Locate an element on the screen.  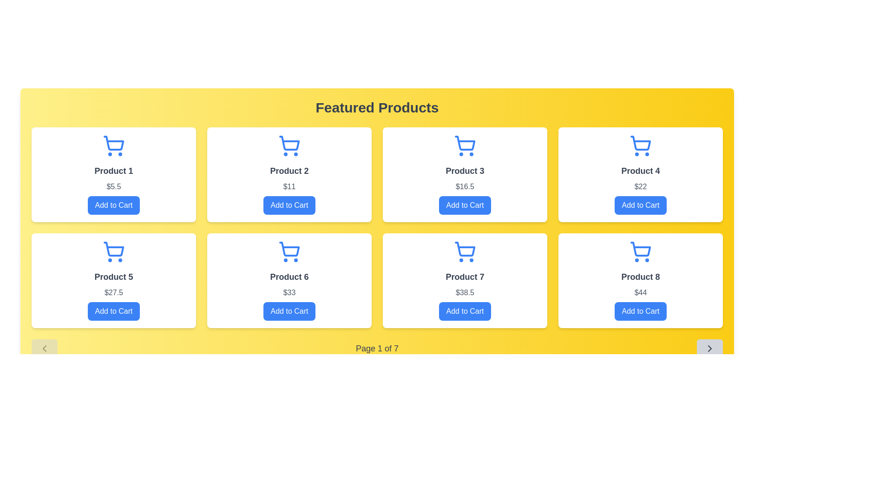
the button to add 'Product 7' to the cart, which is located in the second row and third column of the product grid is located at coordinates (465, 311).